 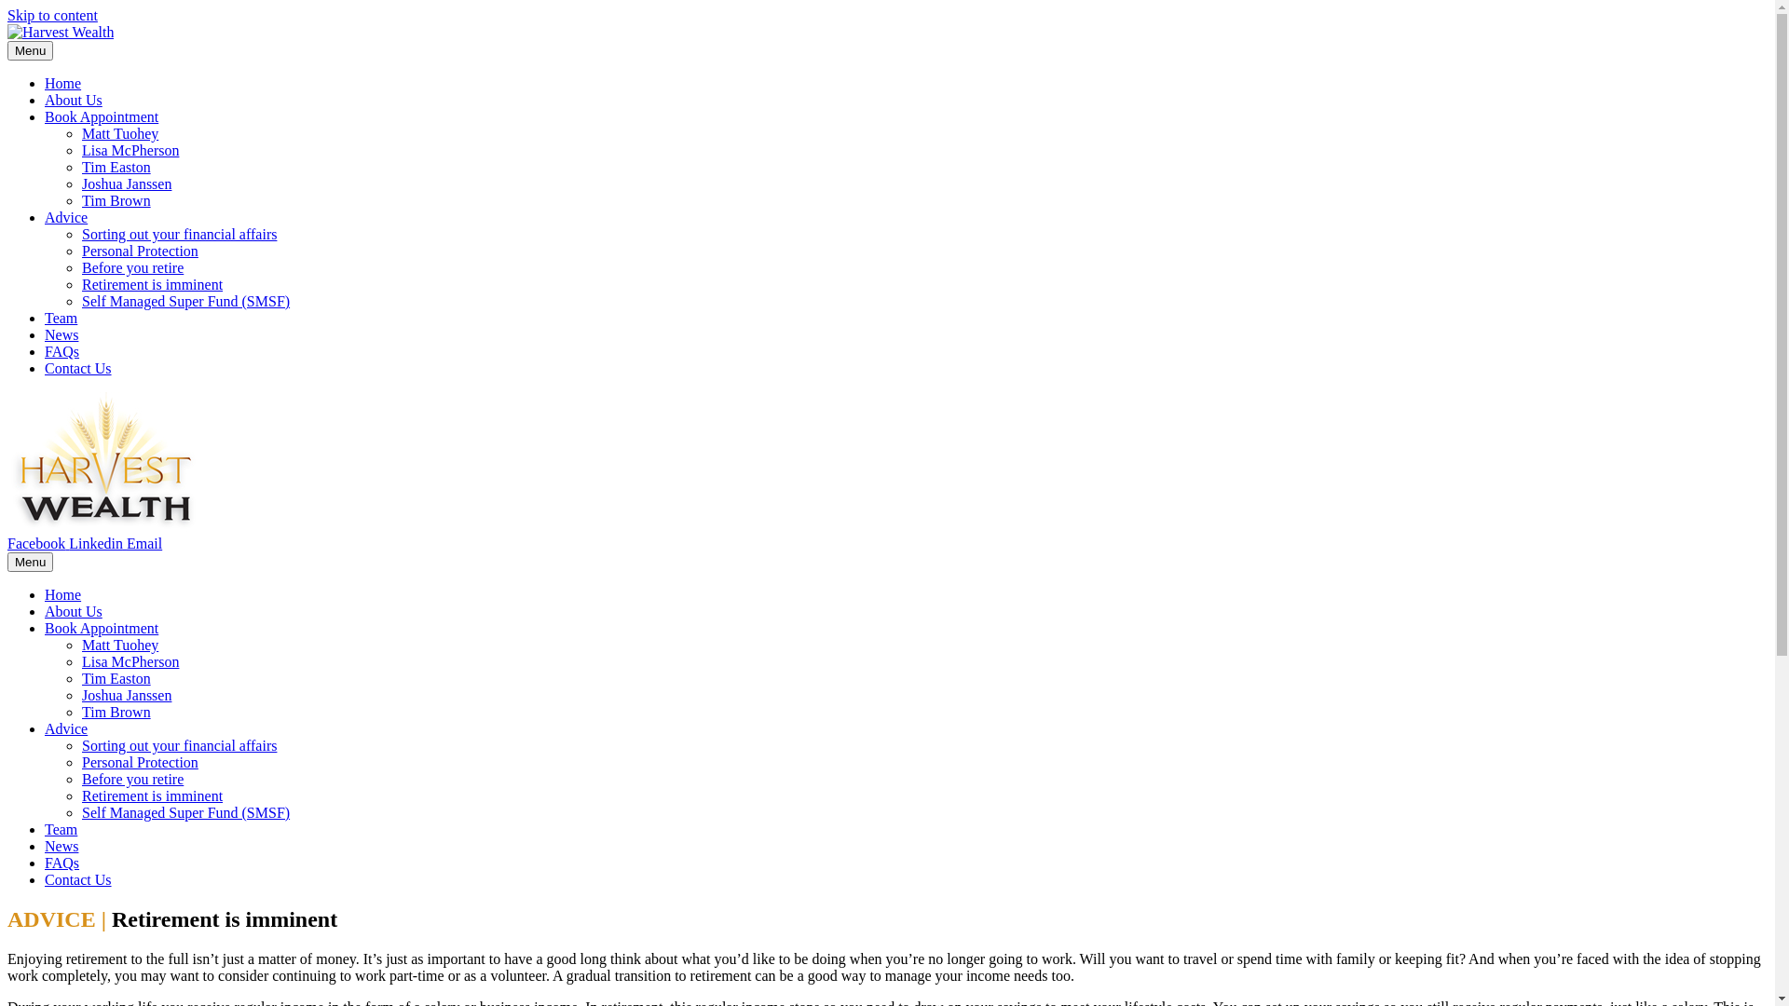 What do you see at coordinates (66, 727) in the screenshot?
I see `'Advice'` at bounding box center [66, 727].